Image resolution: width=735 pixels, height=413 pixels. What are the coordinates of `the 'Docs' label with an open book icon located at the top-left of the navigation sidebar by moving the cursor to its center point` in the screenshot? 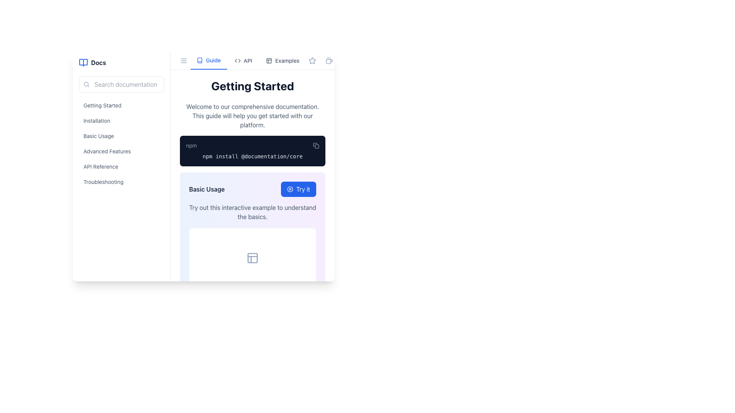 It's located at (121, 62).